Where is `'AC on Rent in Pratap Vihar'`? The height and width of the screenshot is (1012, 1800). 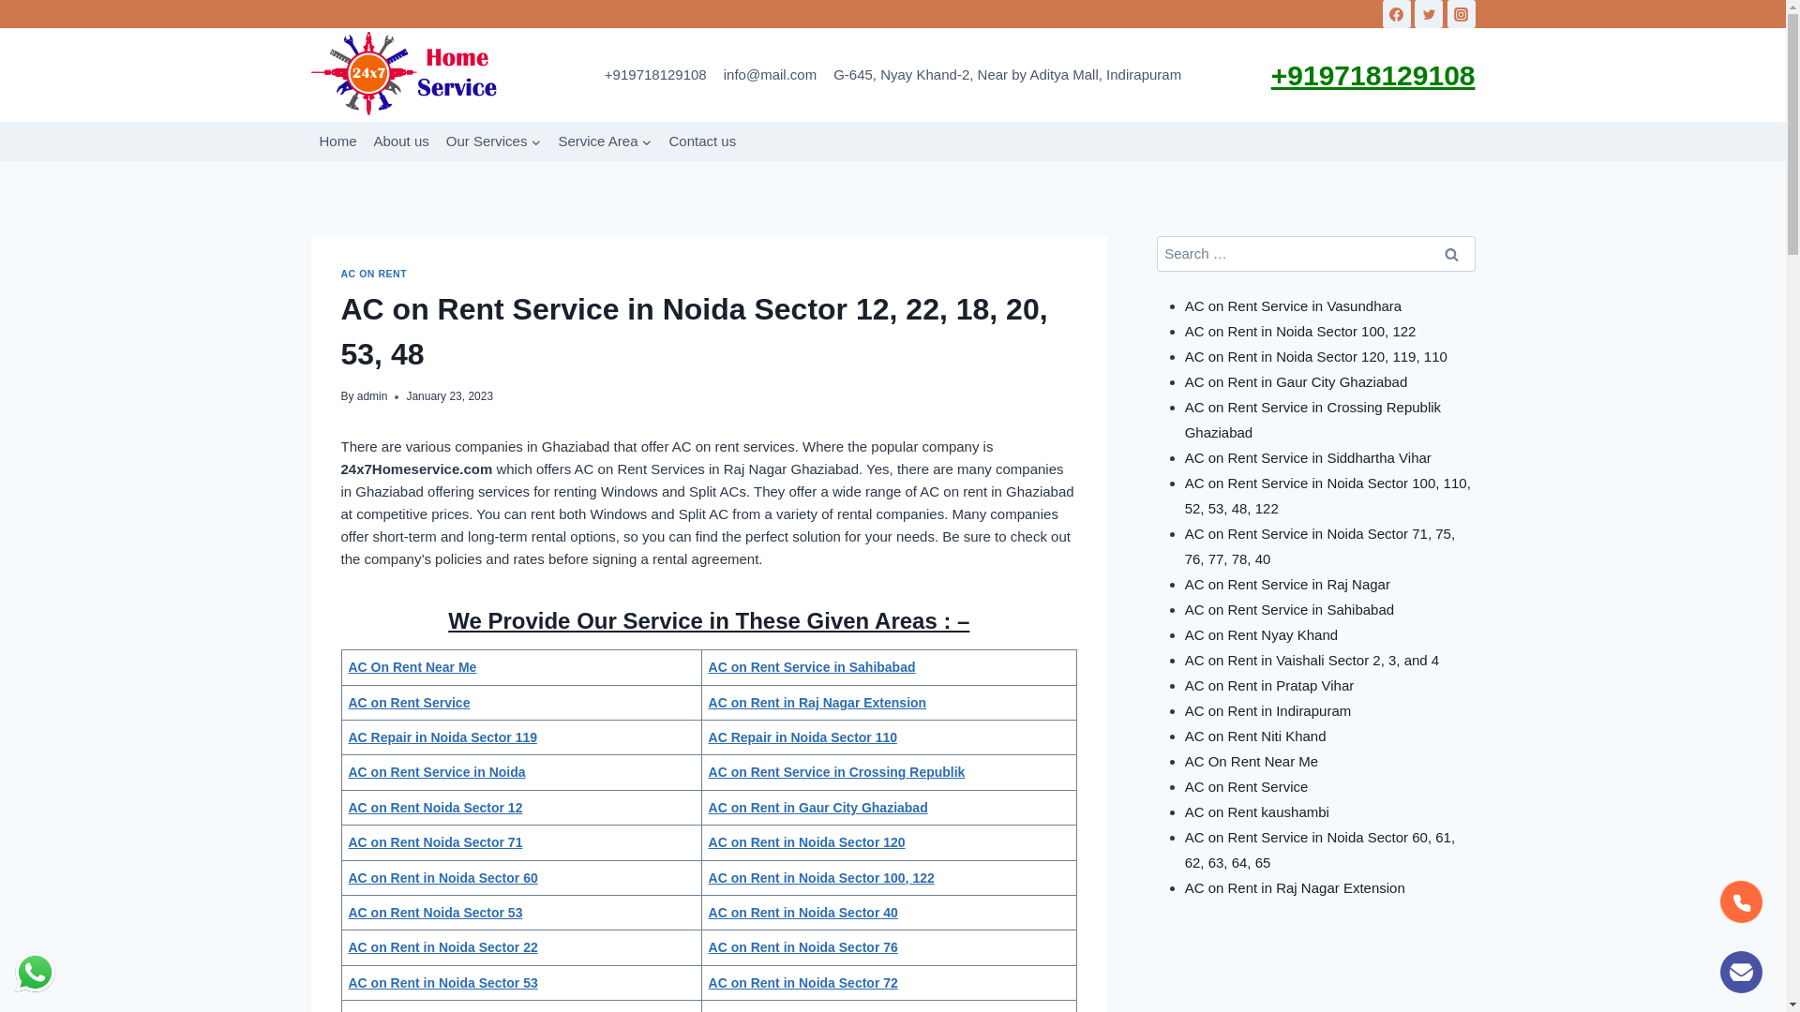 'AC on Rent in Pratap Vihar' is located at coordinates (1183, 684).